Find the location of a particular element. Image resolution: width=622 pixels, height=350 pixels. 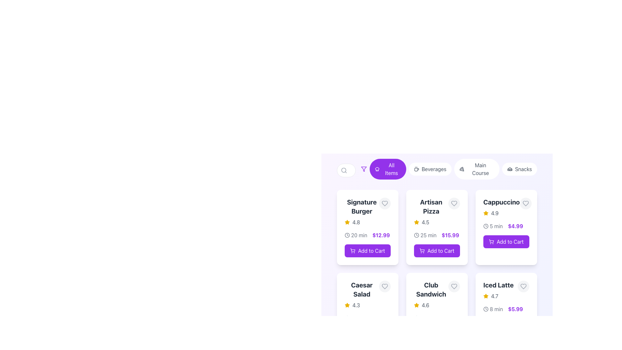

price displayed in the bold purple font, which shows '$8.99' beneath the 'Caesar Salad' card in the second row, first column of the grid layout is located at coordinates (379, 318).